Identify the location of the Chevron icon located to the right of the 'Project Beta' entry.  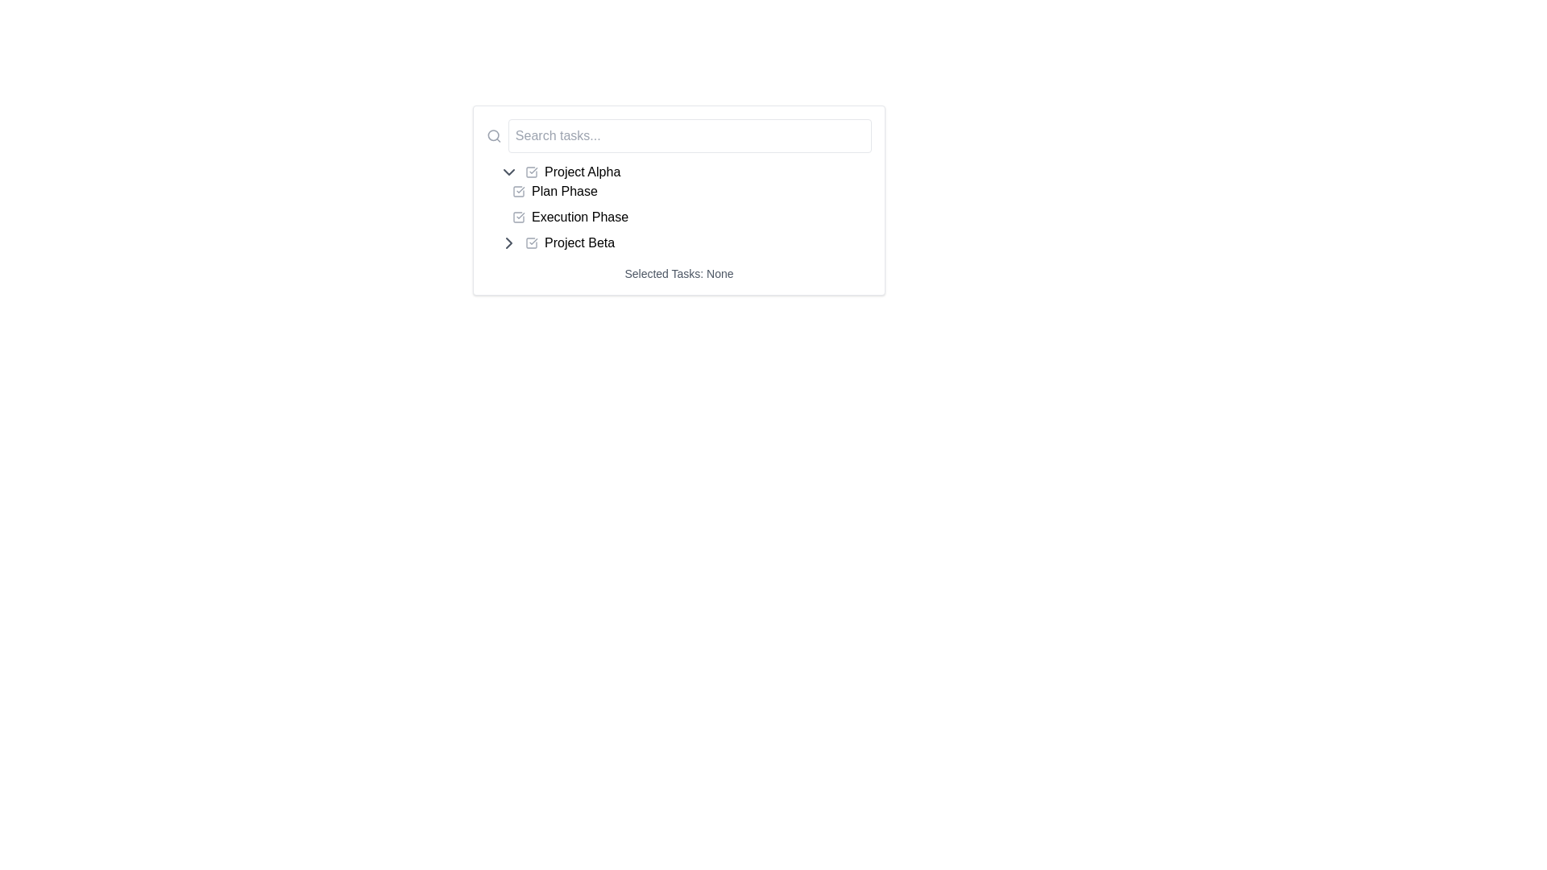
(508, 242).